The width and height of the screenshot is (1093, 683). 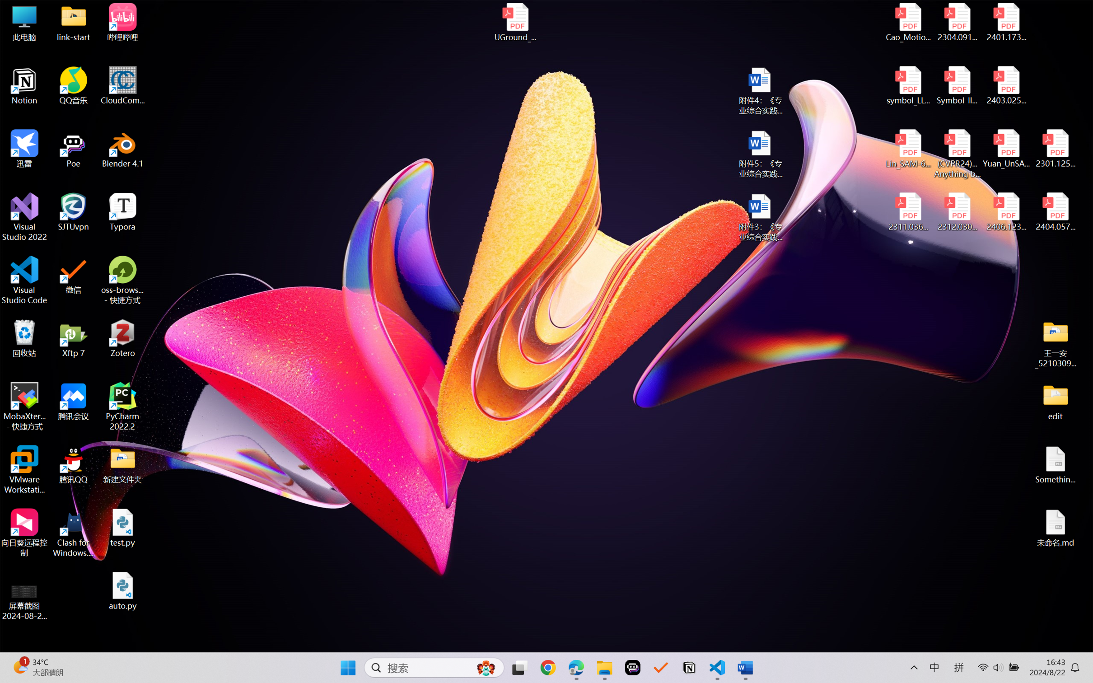 What do you see at coordinates (957, 86) in the screenshot?
I see `'Symbol-llm-v2.pdf'` at bounding box center [957, 86].